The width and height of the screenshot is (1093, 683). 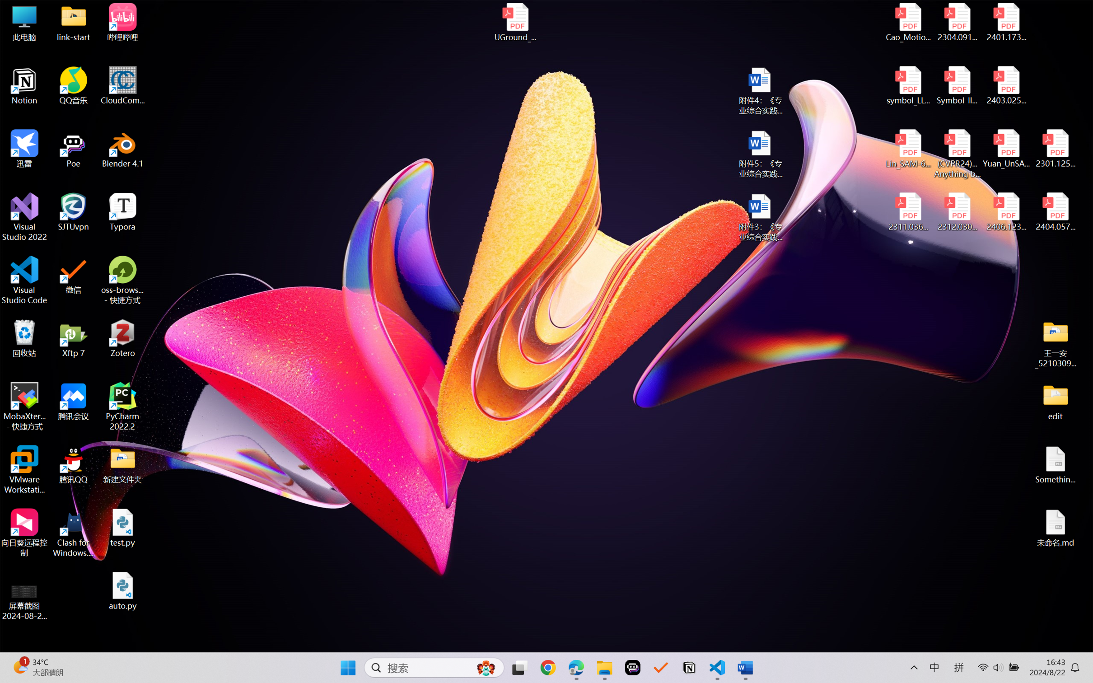 What do you see at coordinates (957, 86) in the screenshot?
I see `'Symbol-llm-v2.pdf'` at bounding box center [957, 86].